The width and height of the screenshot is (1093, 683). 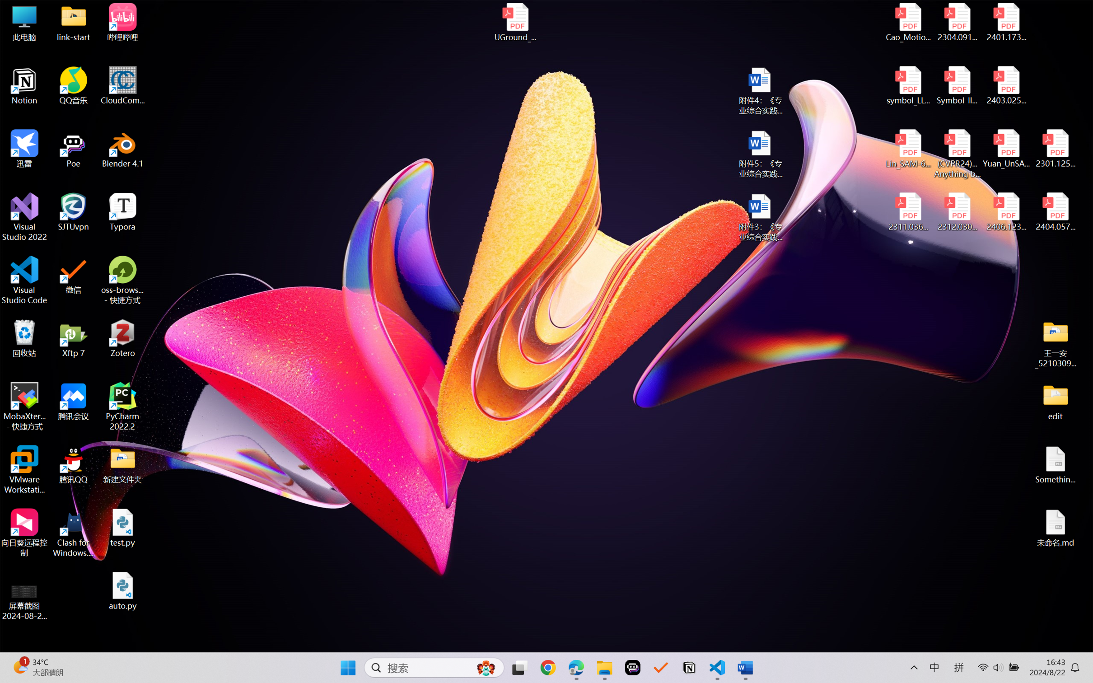 What do you see at coordinates (957, 86) in the screenshot?
I see `'Symbol-llm-v2.pdf'` at bounding box center [957, 86].